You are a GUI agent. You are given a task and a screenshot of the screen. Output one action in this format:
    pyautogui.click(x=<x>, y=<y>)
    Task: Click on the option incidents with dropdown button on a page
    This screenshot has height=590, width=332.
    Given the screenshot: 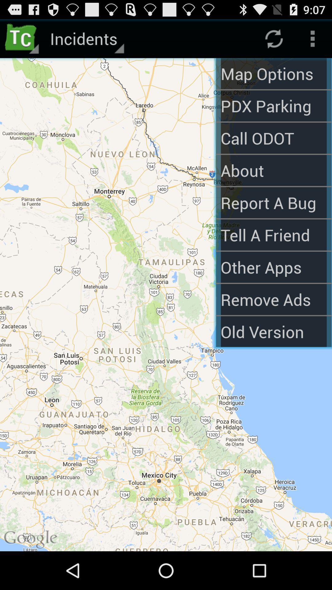 What is the action you would take?
    pyautogui.click(x=86, y=38)
    